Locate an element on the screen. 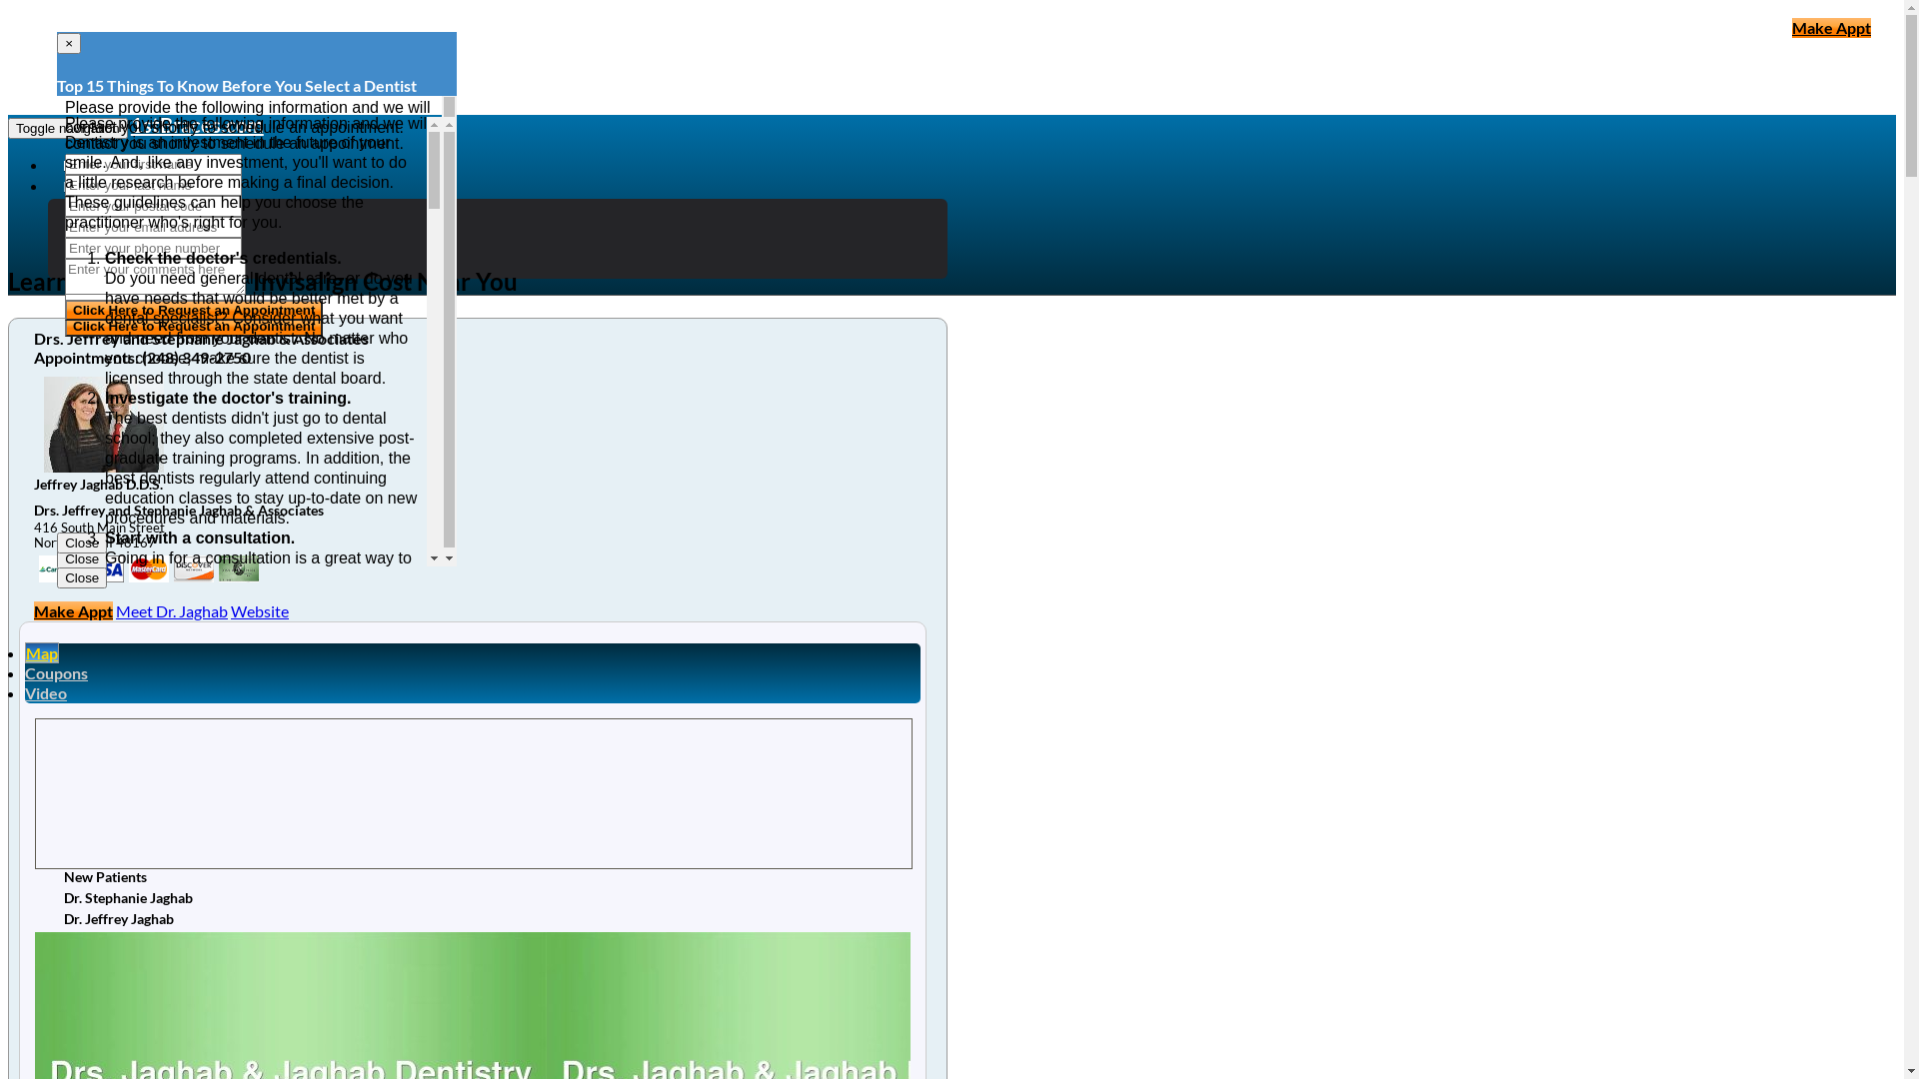  'Video' is located at coordinates (46, 691).